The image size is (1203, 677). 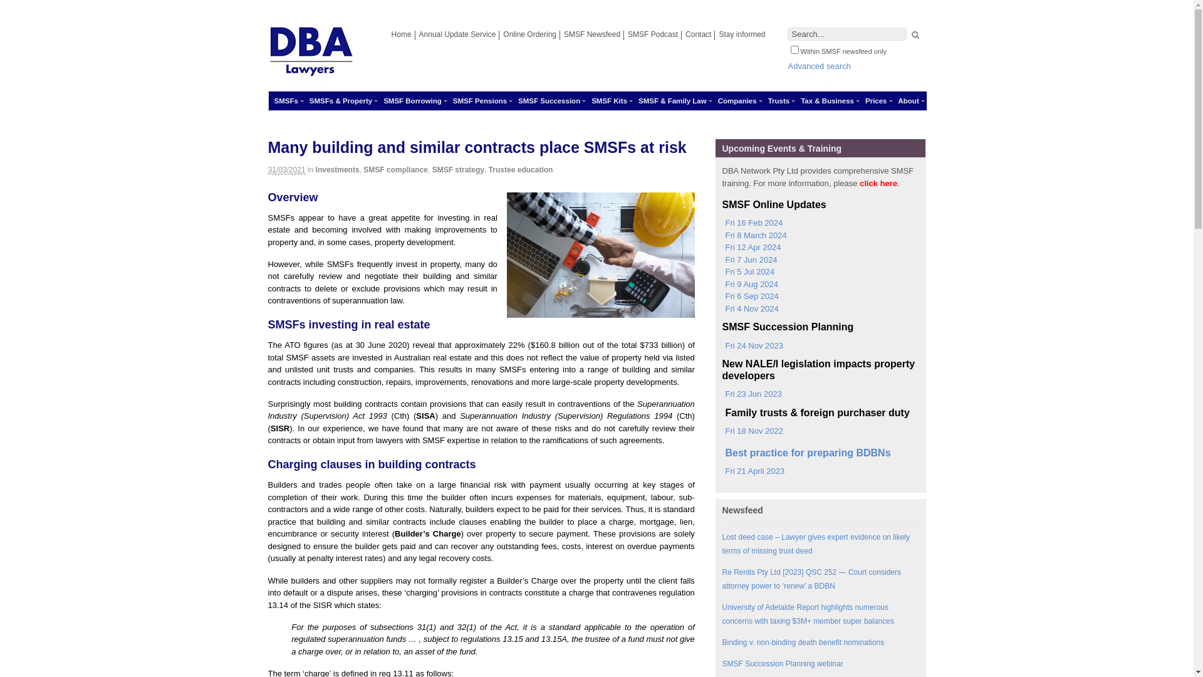 What do you see at coordinates (803, 643) in the screenshot?
I see `'Binding v. non-binding death benefit nominations'` at bounding box center [803, 643].